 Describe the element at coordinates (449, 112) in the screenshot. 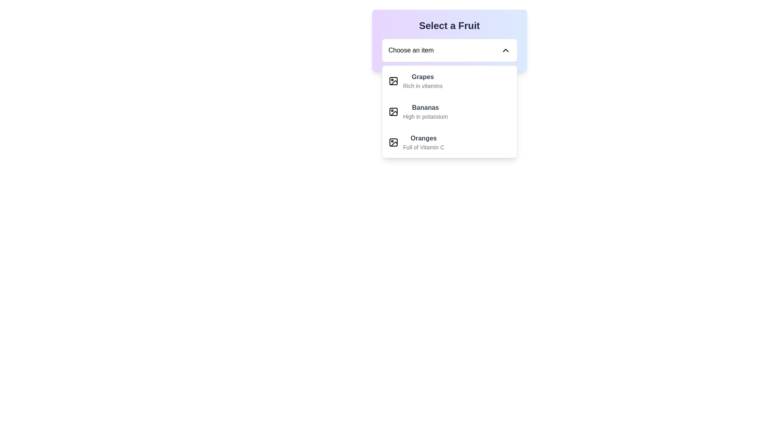

I see `the second option ('Bananas') in the dropdown menu` at that location.